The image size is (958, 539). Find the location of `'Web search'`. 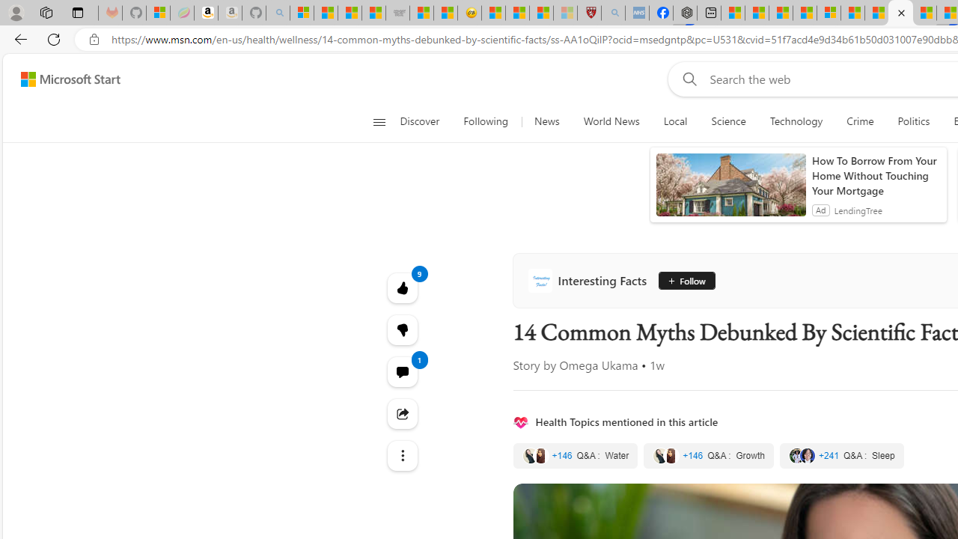

'Web search' is located at coordinates (686, 79).